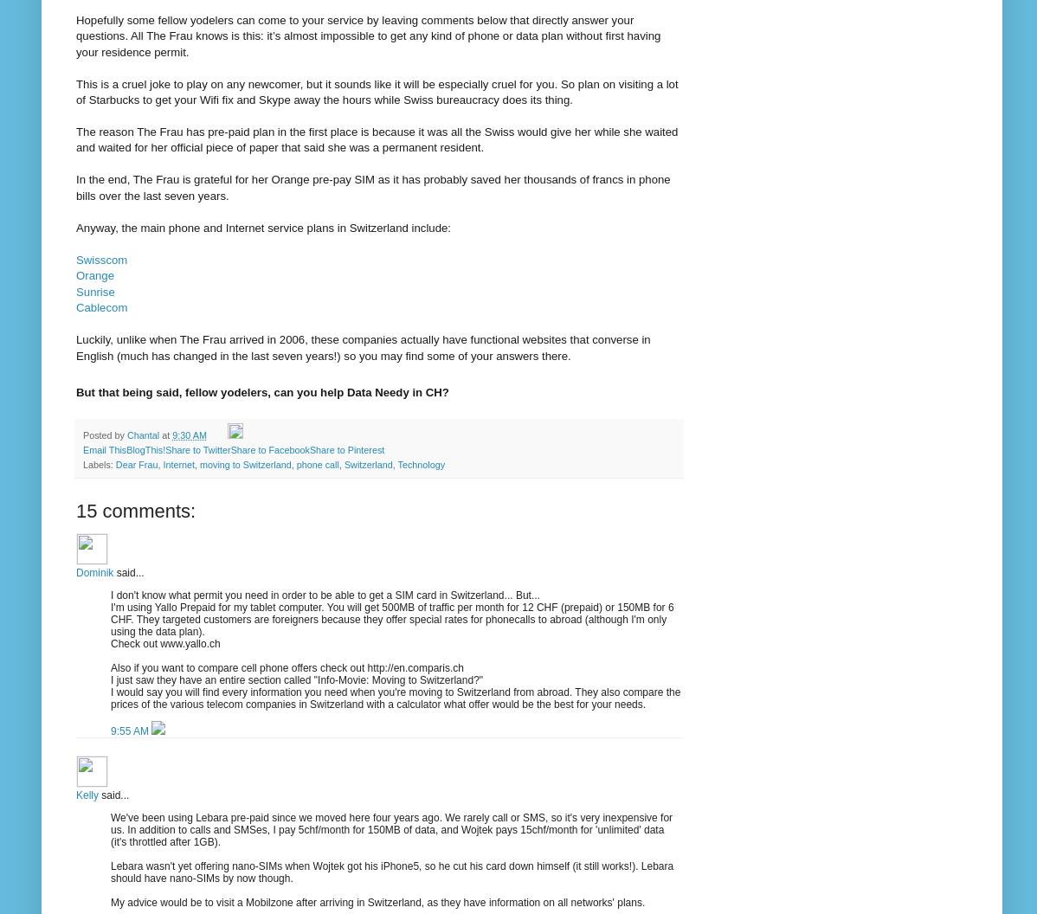  What do you see at coordinates (165, 434) in the screenshot?
I see `'at'` at bounding box center [165, 434].